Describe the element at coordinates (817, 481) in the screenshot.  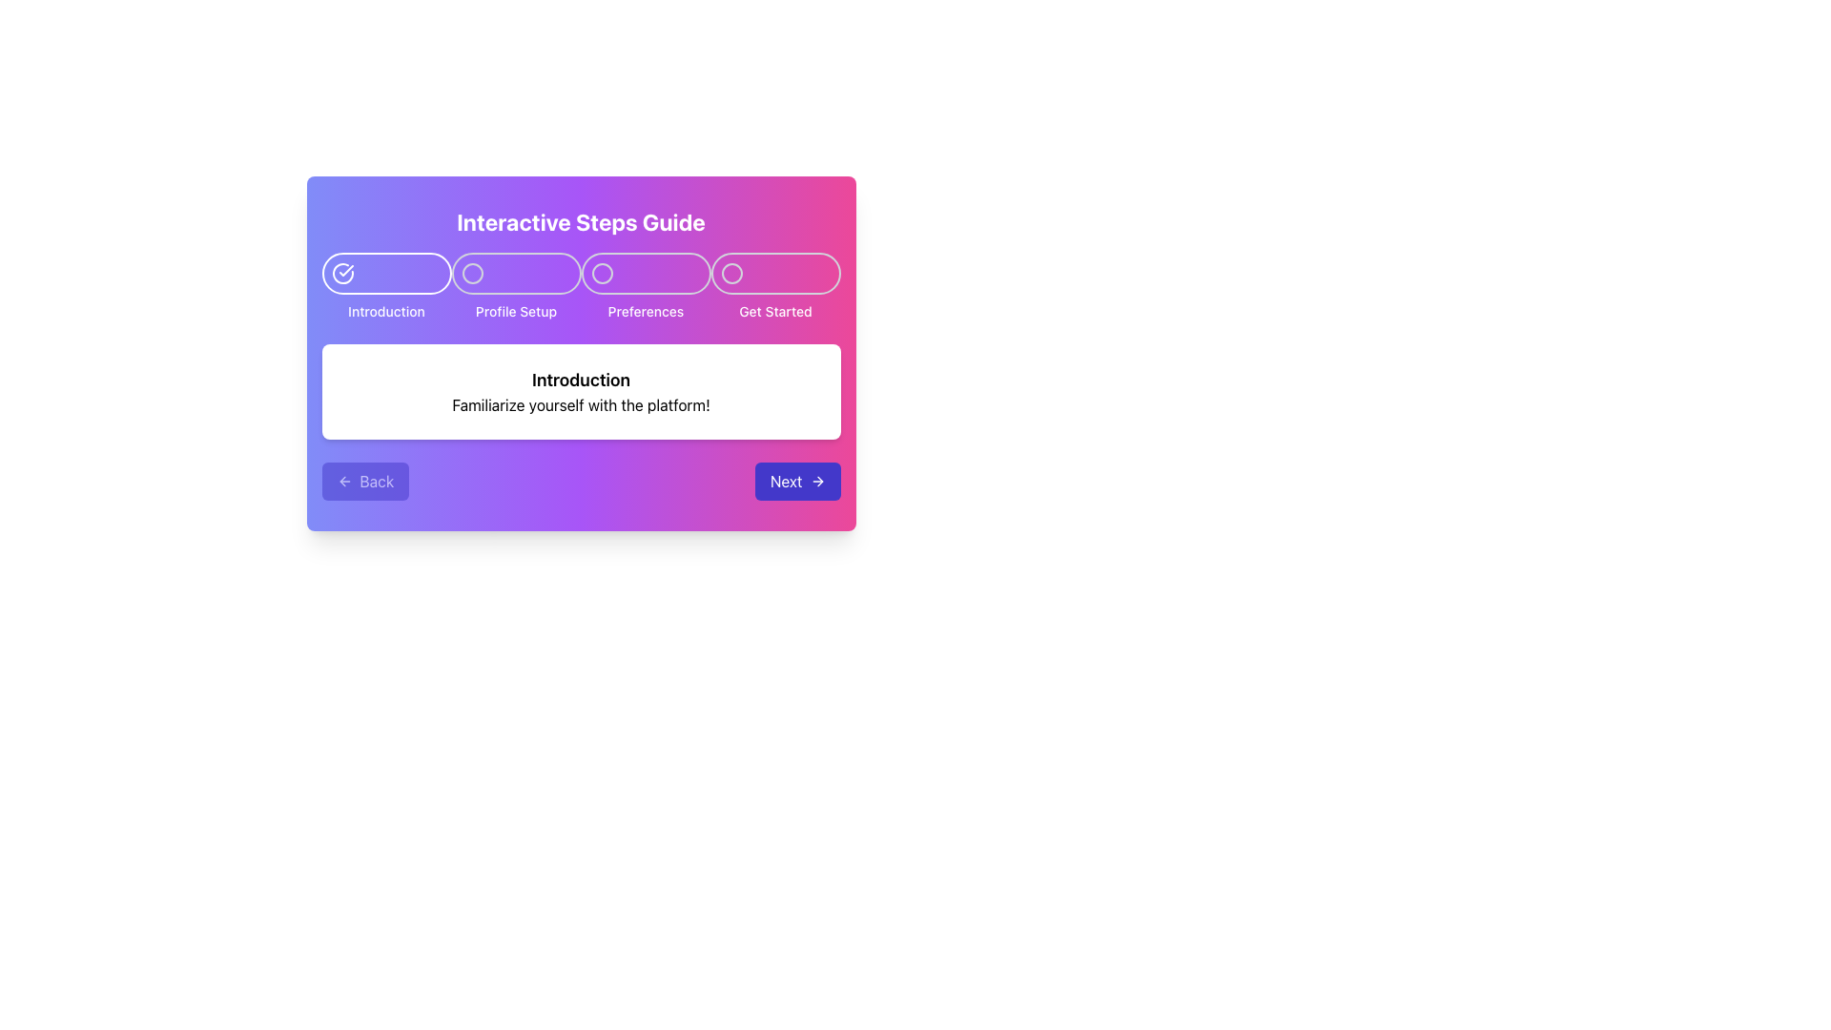
I see `the 'Next' button that contains the arrow icon located at the rightmost end of the button` at that location.